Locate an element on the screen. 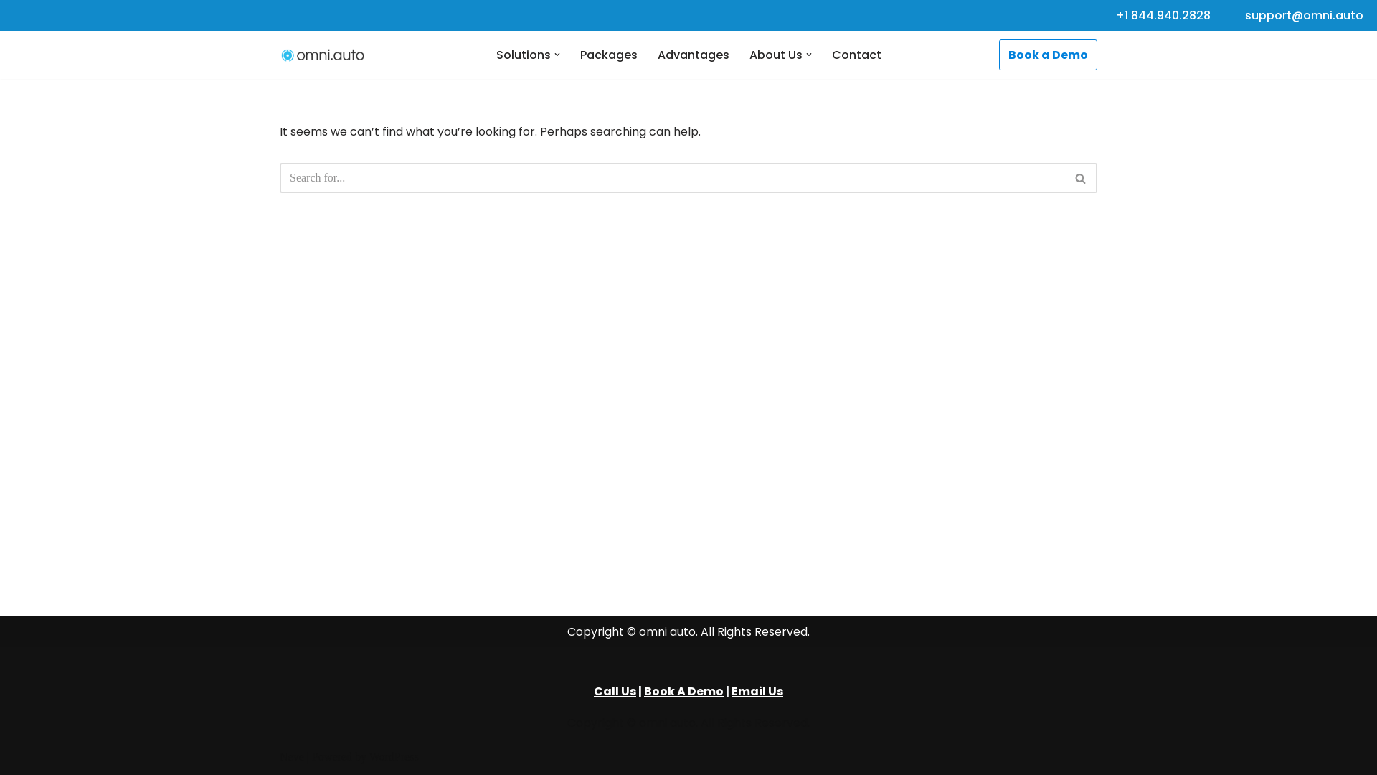  'Solutions' is located at coordinates (496, 54).